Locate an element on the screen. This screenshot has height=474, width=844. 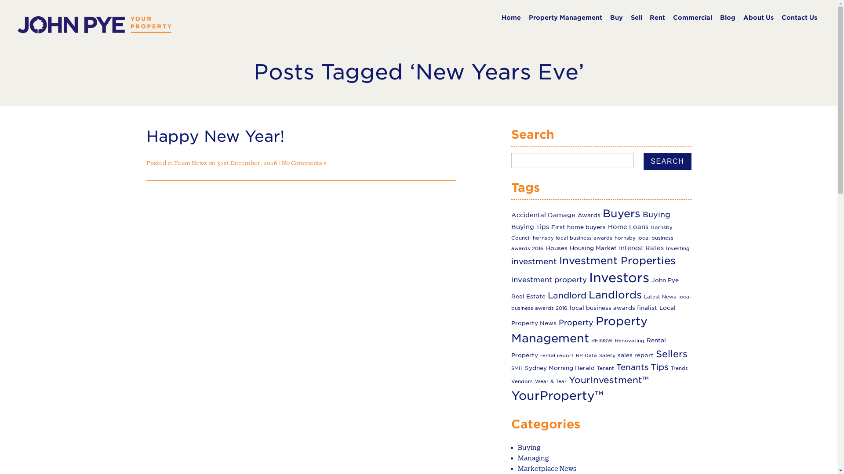
'Tips' is located at coordinates (659, 367).